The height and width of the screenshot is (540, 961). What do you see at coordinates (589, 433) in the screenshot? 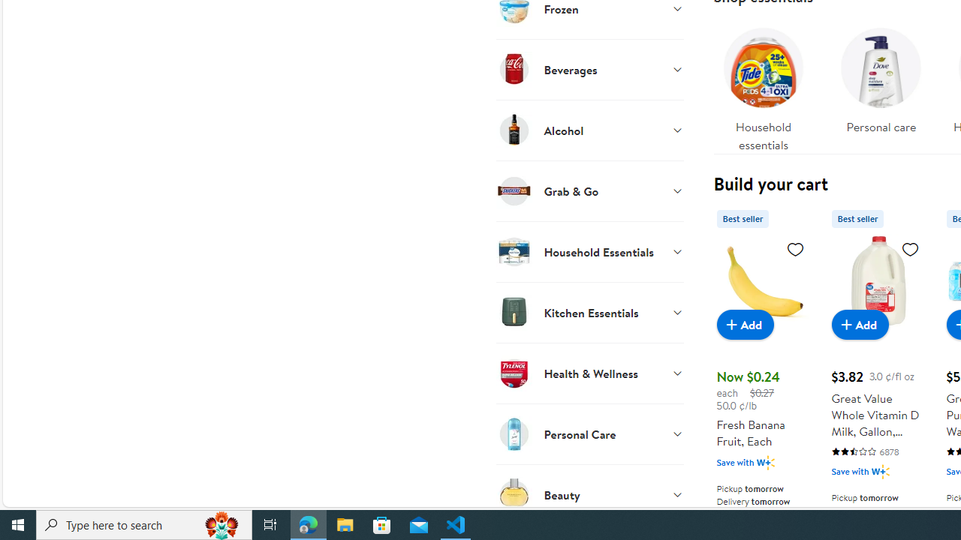
I see `'Personal Care'` at bounding box center [589, 433].